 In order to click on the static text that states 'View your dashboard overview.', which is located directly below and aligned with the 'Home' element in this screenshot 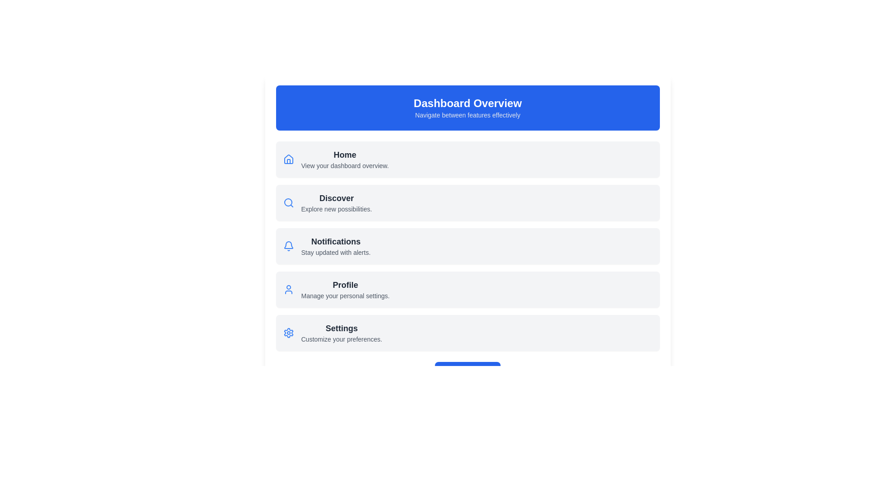, I will do `click(344, 165)`.